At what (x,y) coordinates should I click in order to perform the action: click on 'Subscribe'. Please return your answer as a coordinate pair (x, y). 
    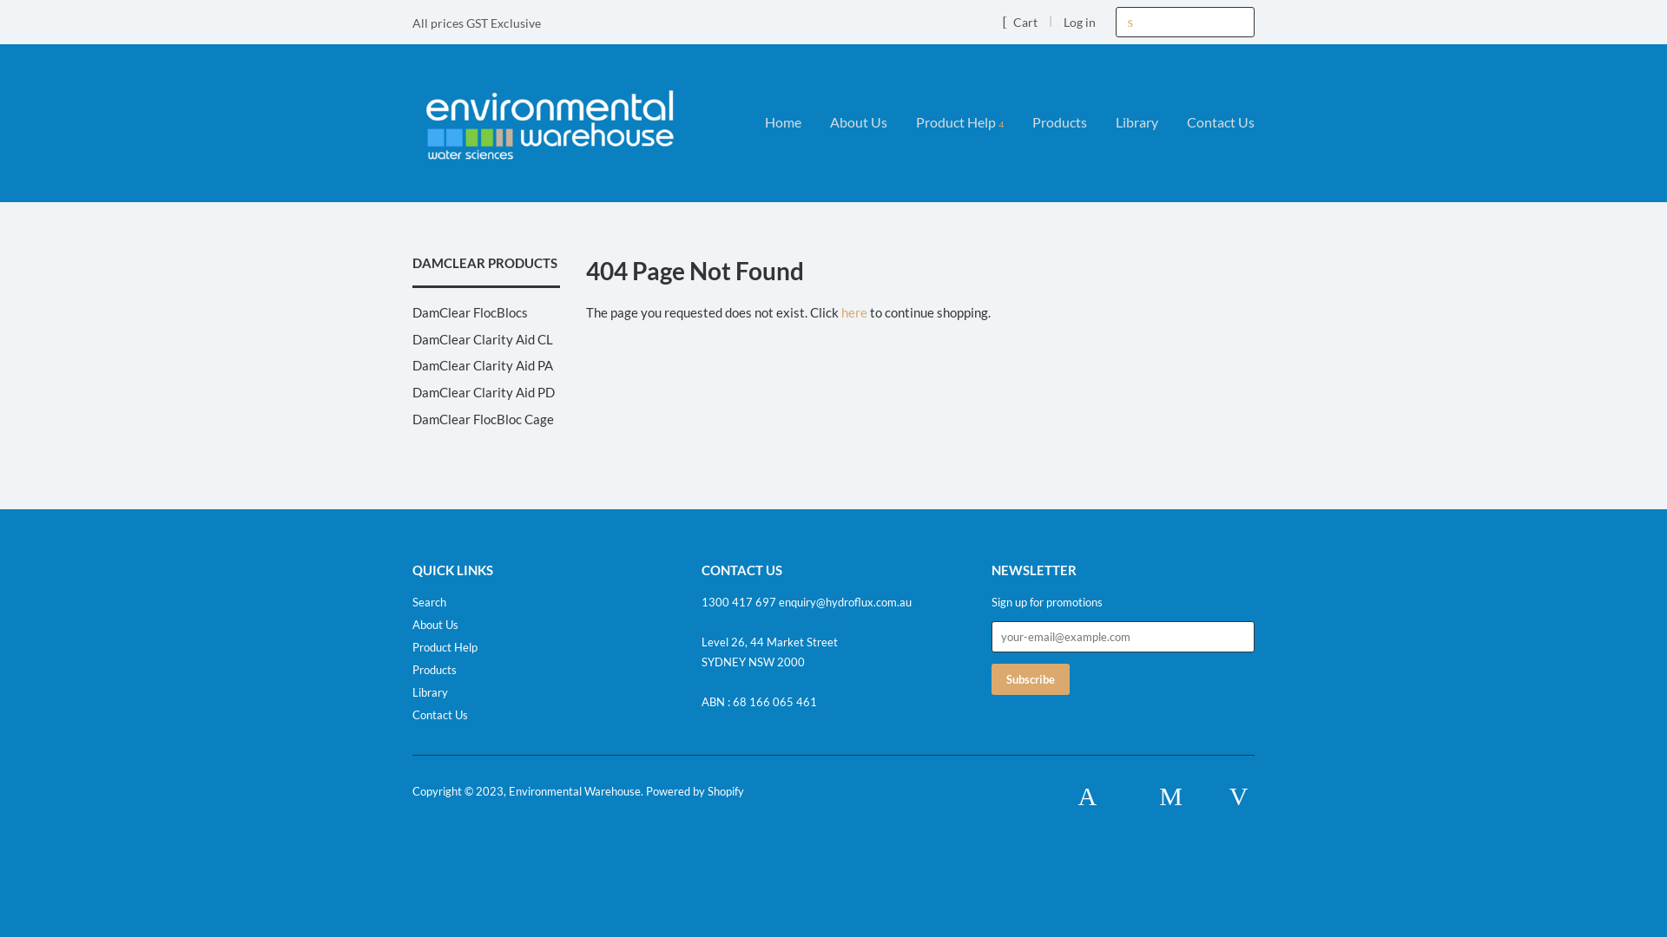
    Looking at the image, I should click on (1030, 678).